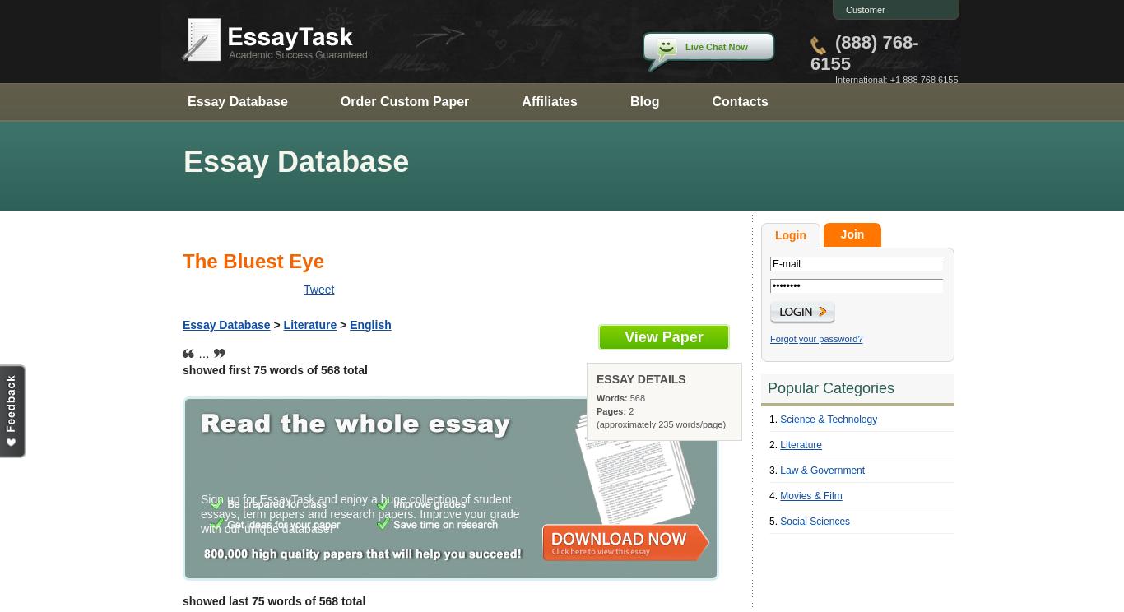 This screenshot has width=1124, height=612. Describe the element at coordinates (738, 100) in the screenshot. I see `'Contacts'` at that location.